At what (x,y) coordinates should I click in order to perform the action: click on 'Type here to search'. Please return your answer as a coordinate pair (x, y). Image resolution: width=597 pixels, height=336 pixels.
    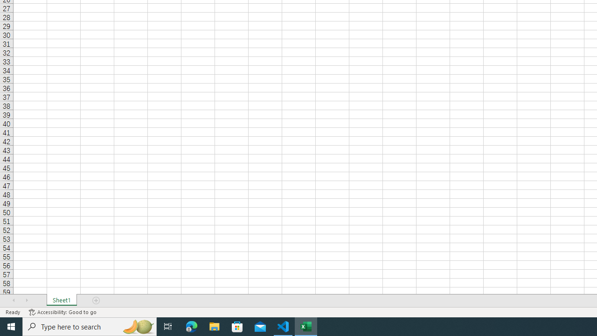
    Looking at the image, I should click on (90, 326).